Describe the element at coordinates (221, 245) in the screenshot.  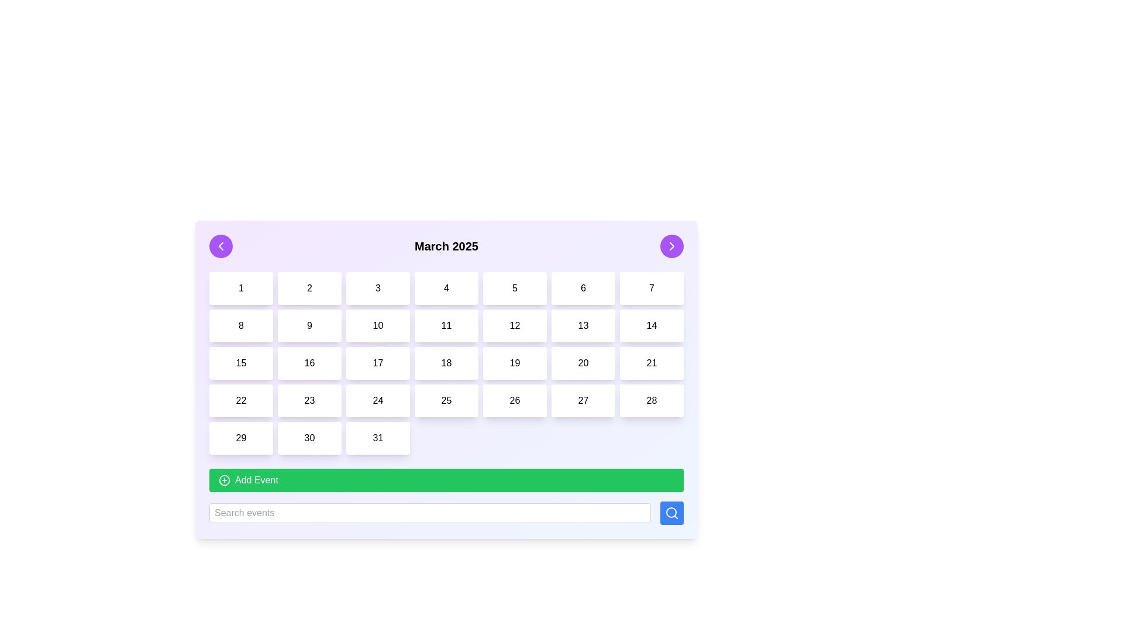
I see `the left-facing chevron SVG icon embedded within the purple circular button at the top-left corner of the calendar interface` at that location.